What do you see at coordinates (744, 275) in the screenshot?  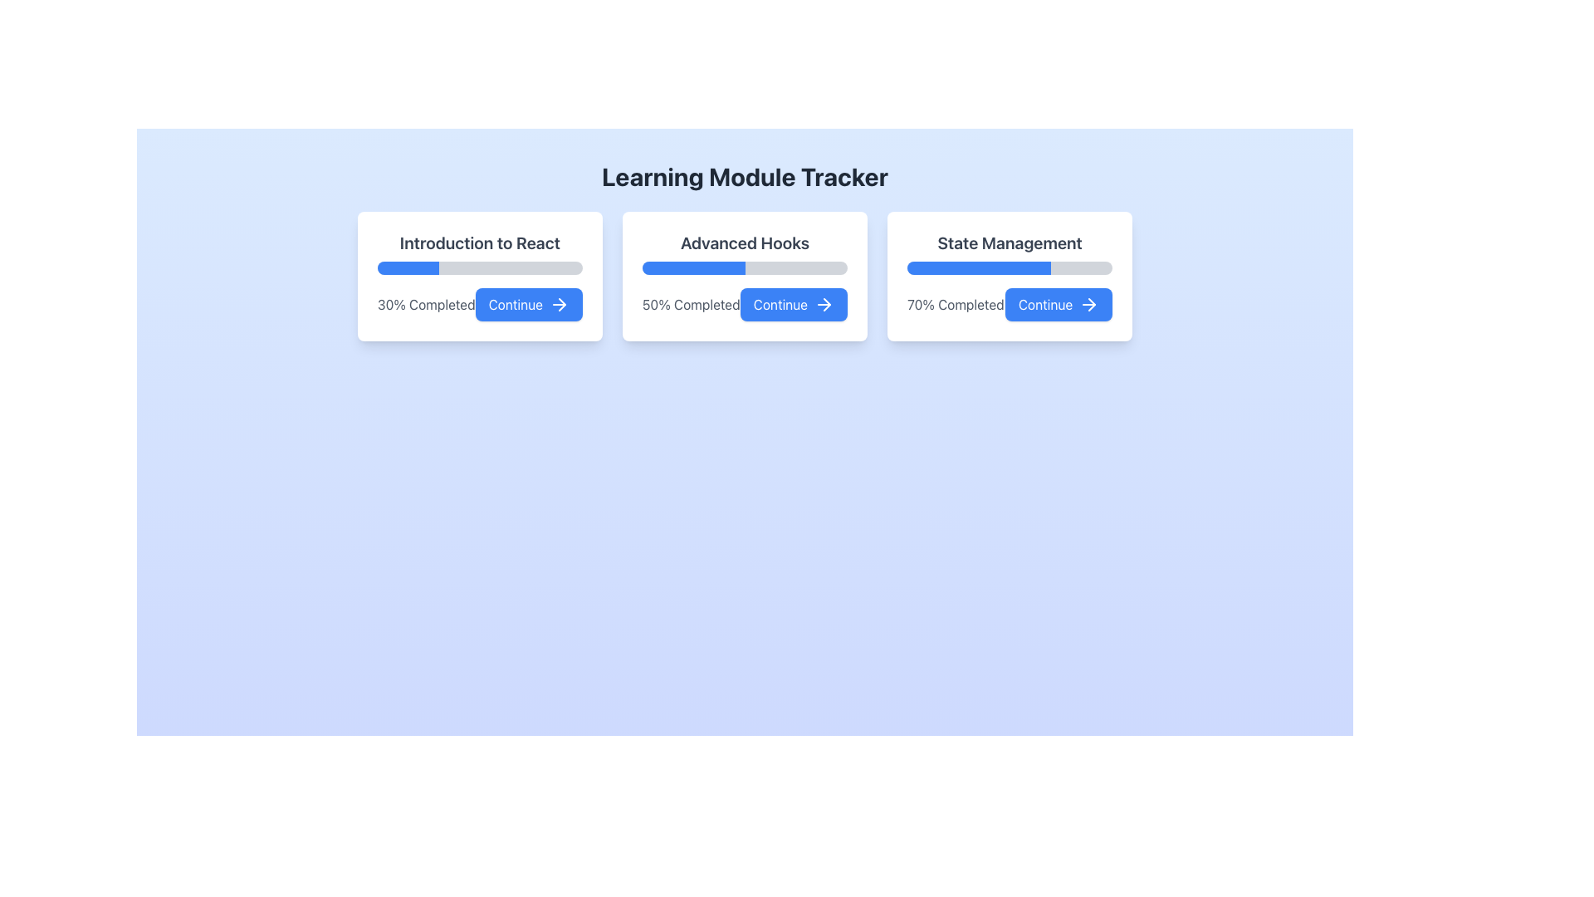 I see `the progress bar of the second informational card in the learning tracker interface for accessibility interaction` at bounding box center [744, 275].